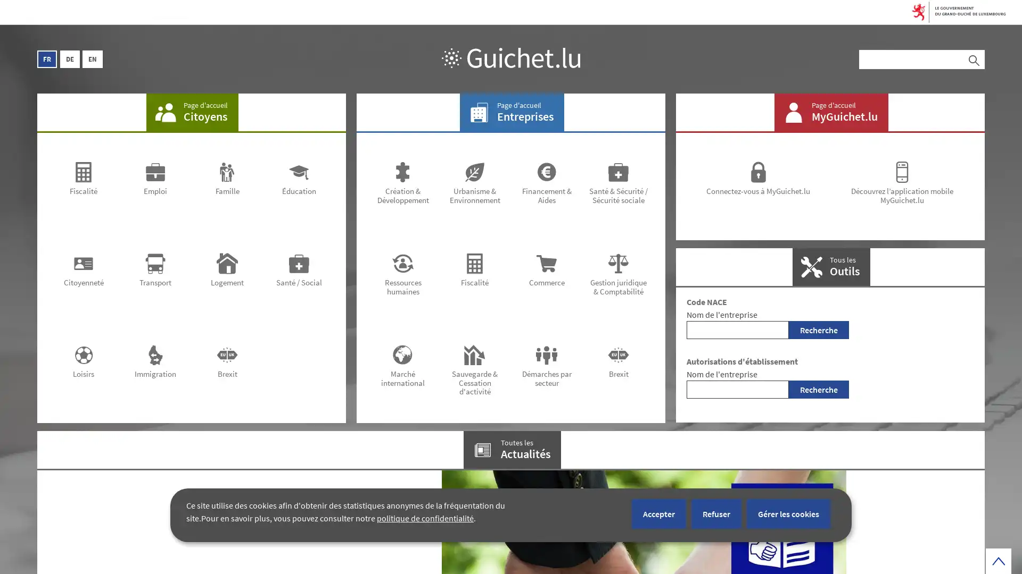  What do you see at coordinates (788, 513) in the screenshot?
I see `Gerer les cookies` at bounding box center [788, 513].